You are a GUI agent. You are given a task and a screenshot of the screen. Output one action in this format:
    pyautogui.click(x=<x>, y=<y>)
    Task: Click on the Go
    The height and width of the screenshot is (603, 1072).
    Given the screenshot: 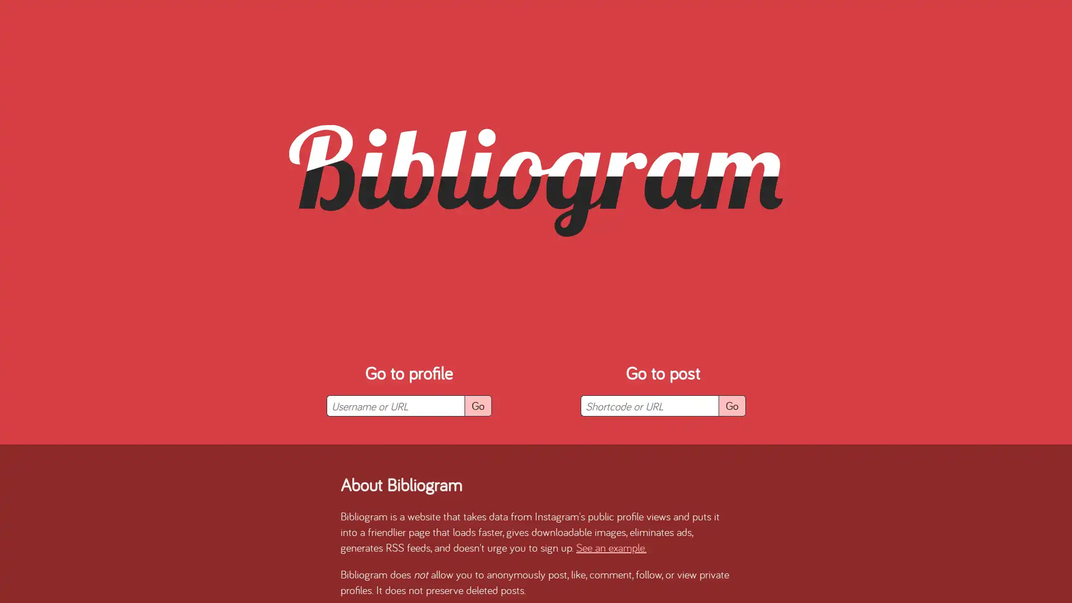 What is the action you would take?
    pyautogui.click(x=731, y=405)
    